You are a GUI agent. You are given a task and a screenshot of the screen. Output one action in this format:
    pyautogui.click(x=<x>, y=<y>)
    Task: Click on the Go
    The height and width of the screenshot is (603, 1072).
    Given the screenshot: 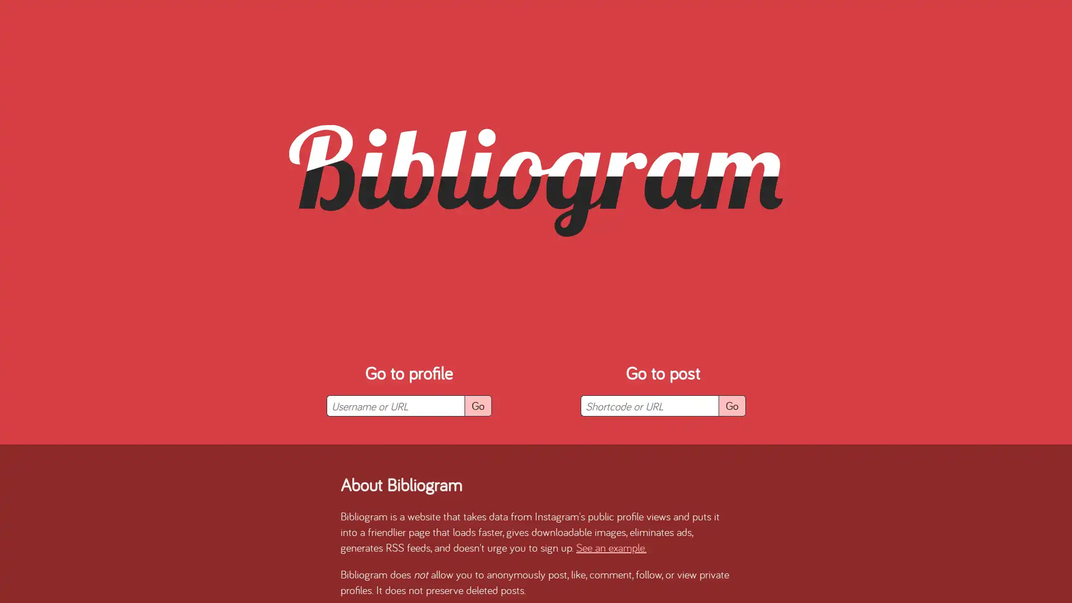 What is the action you would take?
    pyautogui.click(x=731, y=405)
    